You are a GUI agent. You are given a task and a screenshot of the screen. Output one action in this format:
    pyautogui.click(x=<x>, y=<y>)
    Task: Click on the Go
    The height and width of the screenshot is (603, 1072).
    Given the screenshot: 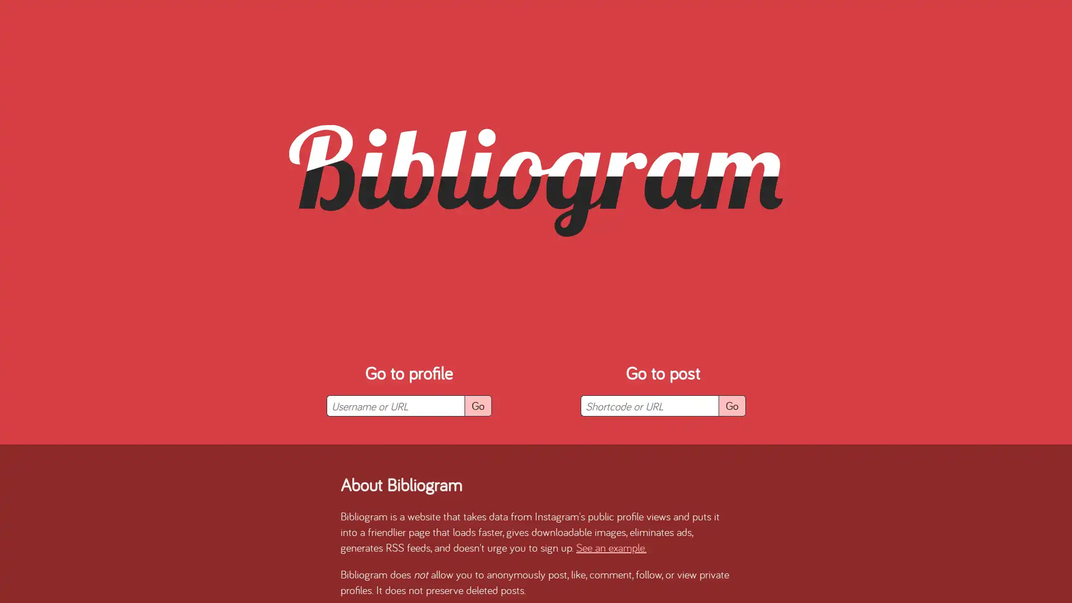 What is the action you would take?
    pyautogui.click(x=731, y=405)
    